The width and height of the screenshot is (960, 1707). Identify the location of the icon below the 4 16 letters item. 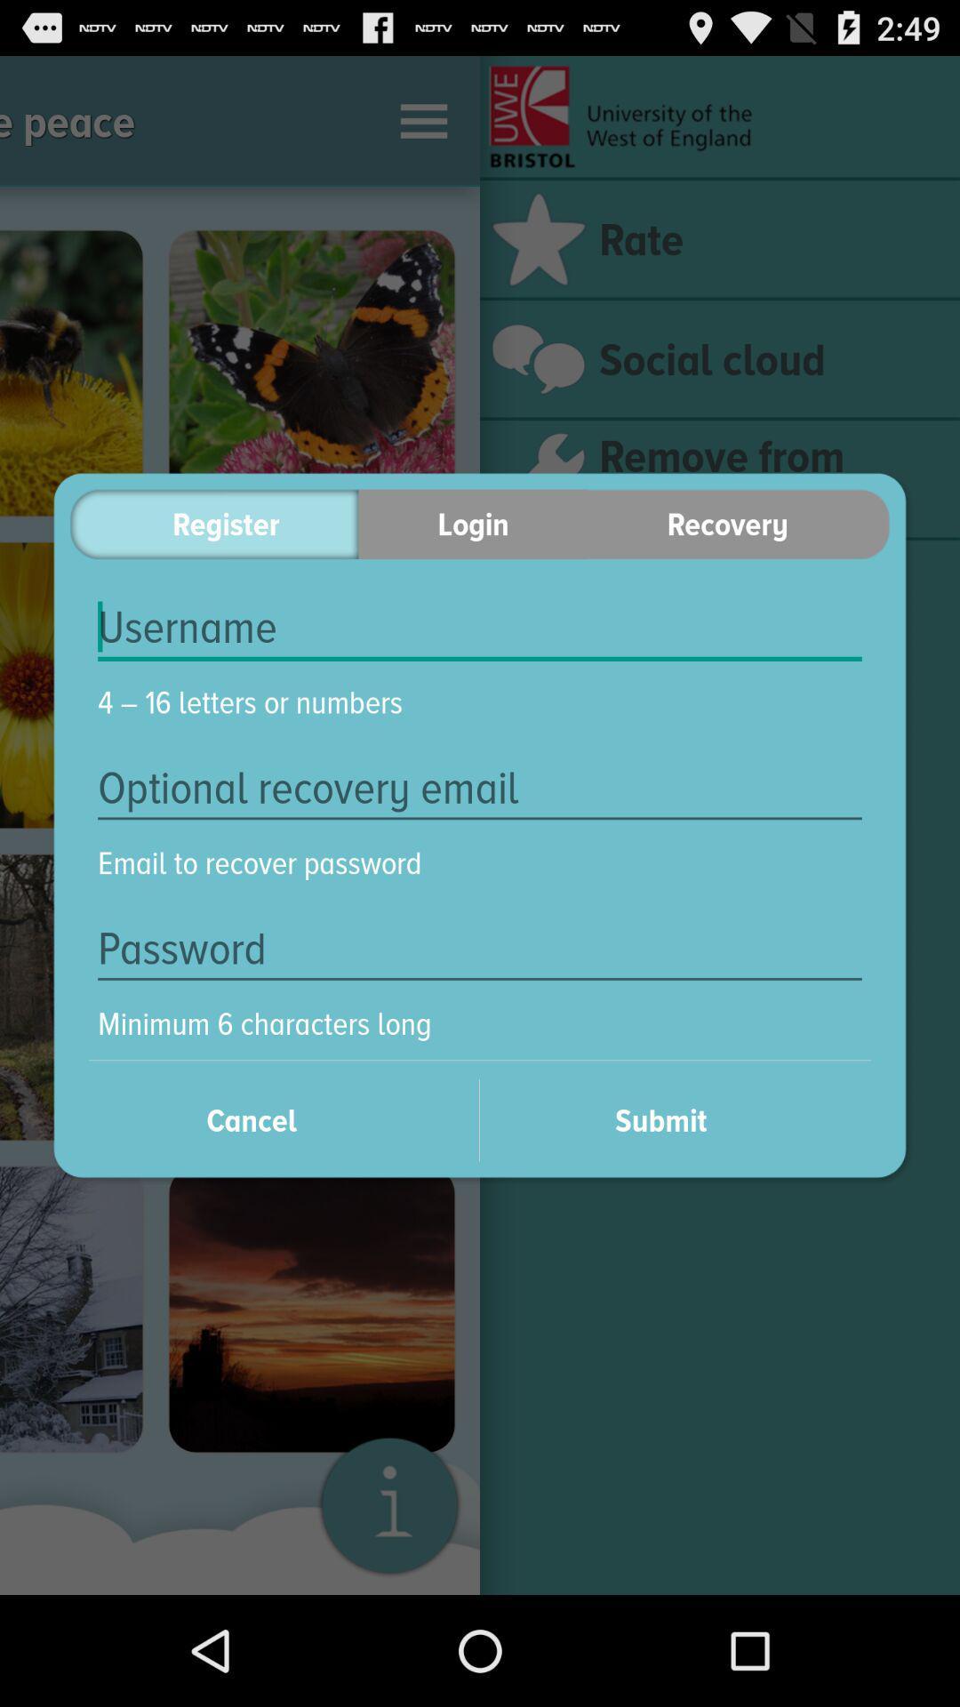
(480, 787).